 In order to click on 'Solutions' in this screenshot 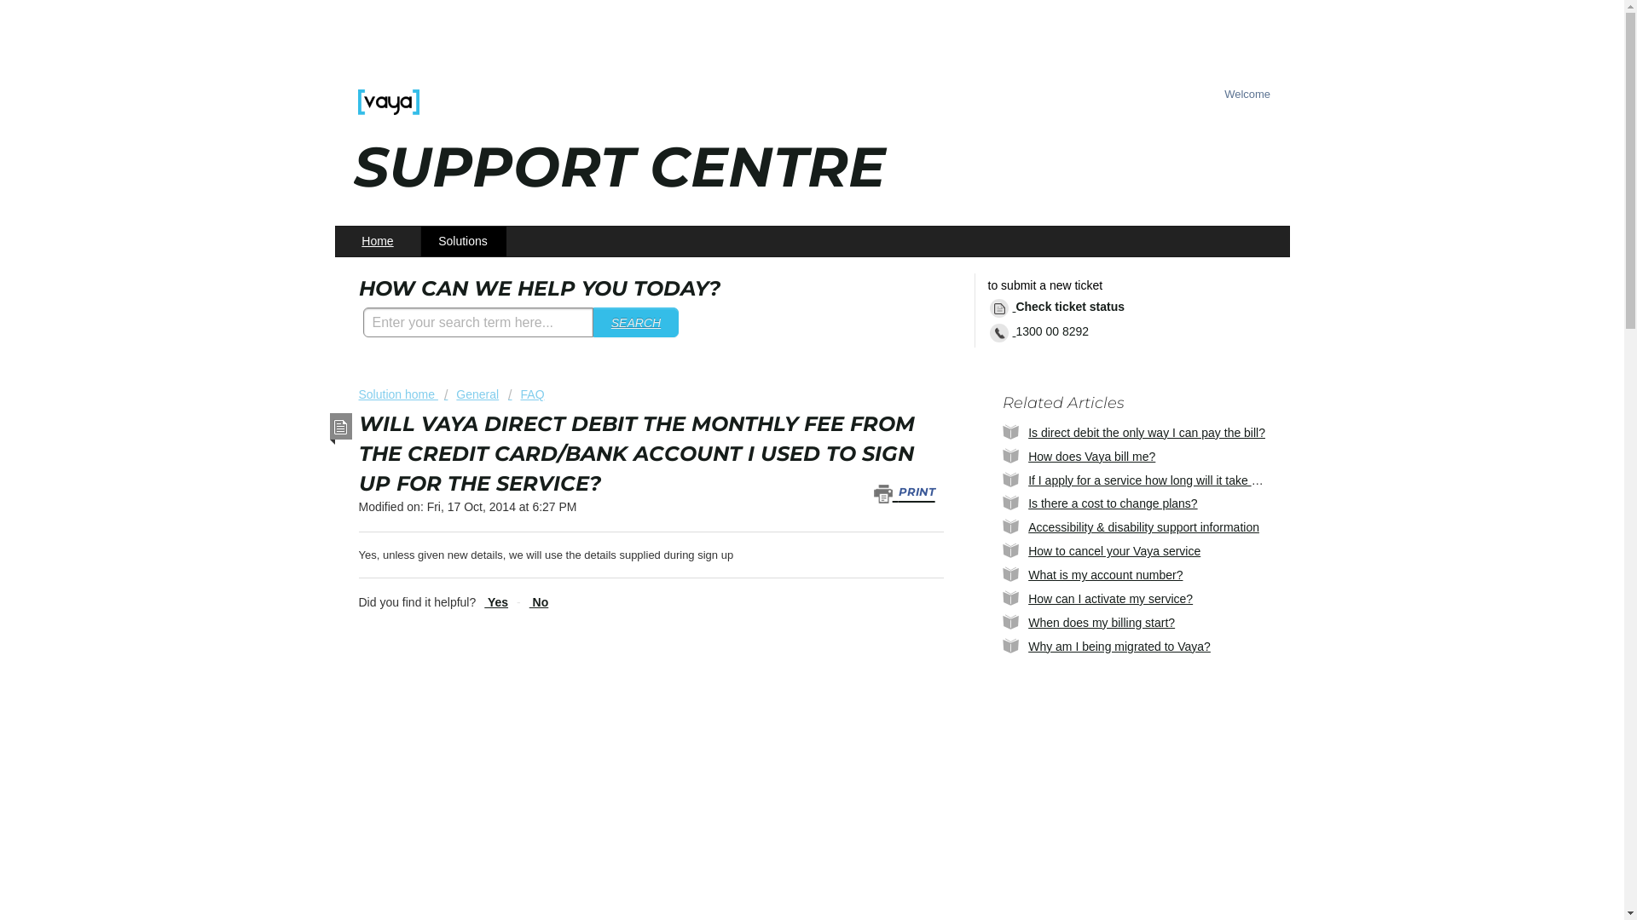, I will do `click(463, 241)`.